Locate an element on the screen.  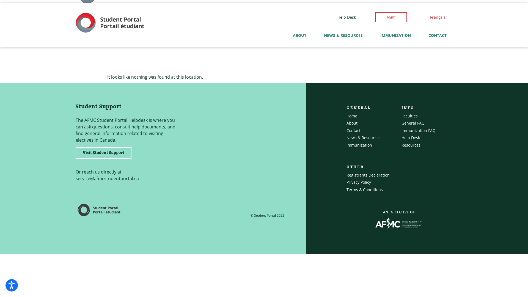
'ABOUT' is located at coordinates (284, 35).